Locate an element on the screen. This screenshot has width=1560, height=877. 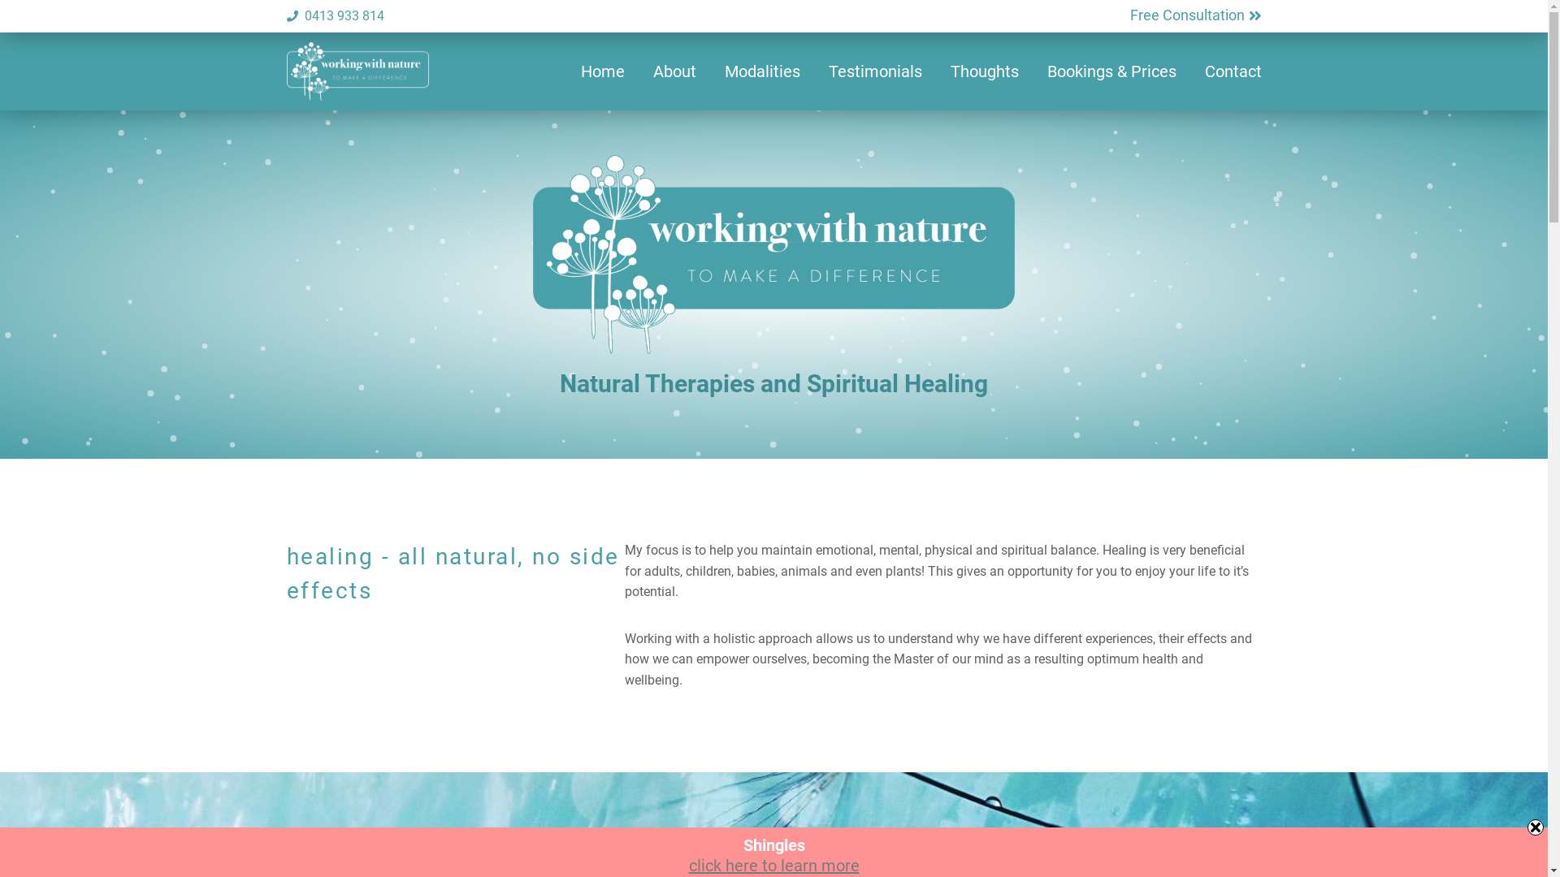
'click here to learn more' is located at coordinates (773, 864).